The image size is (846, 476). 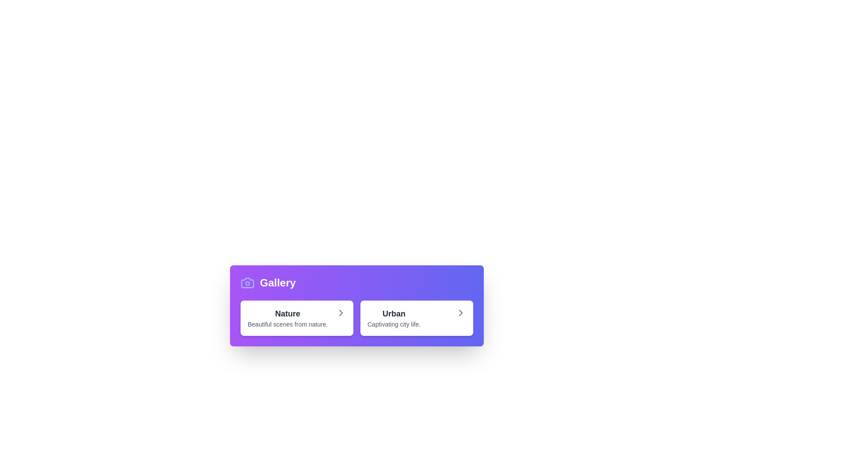 I want to click on the right-pointing chevron icon styled with sharp edges and gray color, located next to the 'Urban' label text in the second card of the gallery, so click(x=460, y=312).